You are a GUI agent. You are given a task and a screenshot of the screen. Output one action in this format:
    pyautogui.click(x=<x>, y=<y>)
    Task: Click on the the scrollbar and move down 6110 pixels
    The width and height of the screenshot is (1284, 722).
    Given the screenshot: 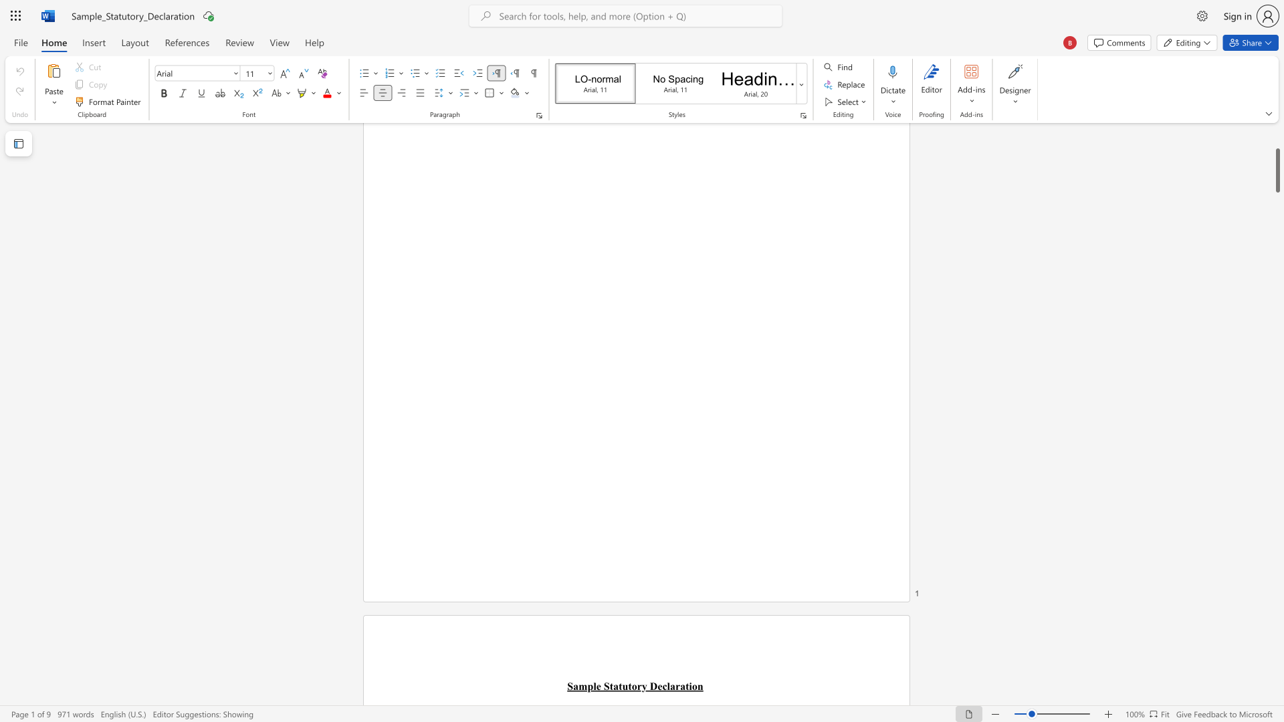 What is the action you would take?
    pyautogui.click(x=1277, y=170)
    